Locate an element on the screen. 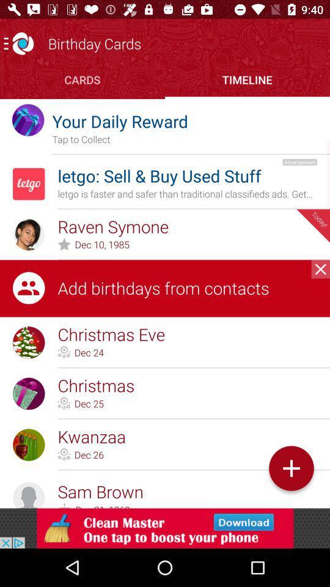 The width and height of the screenshot is (330, 587). cancel is located at coordinates (320, 269).